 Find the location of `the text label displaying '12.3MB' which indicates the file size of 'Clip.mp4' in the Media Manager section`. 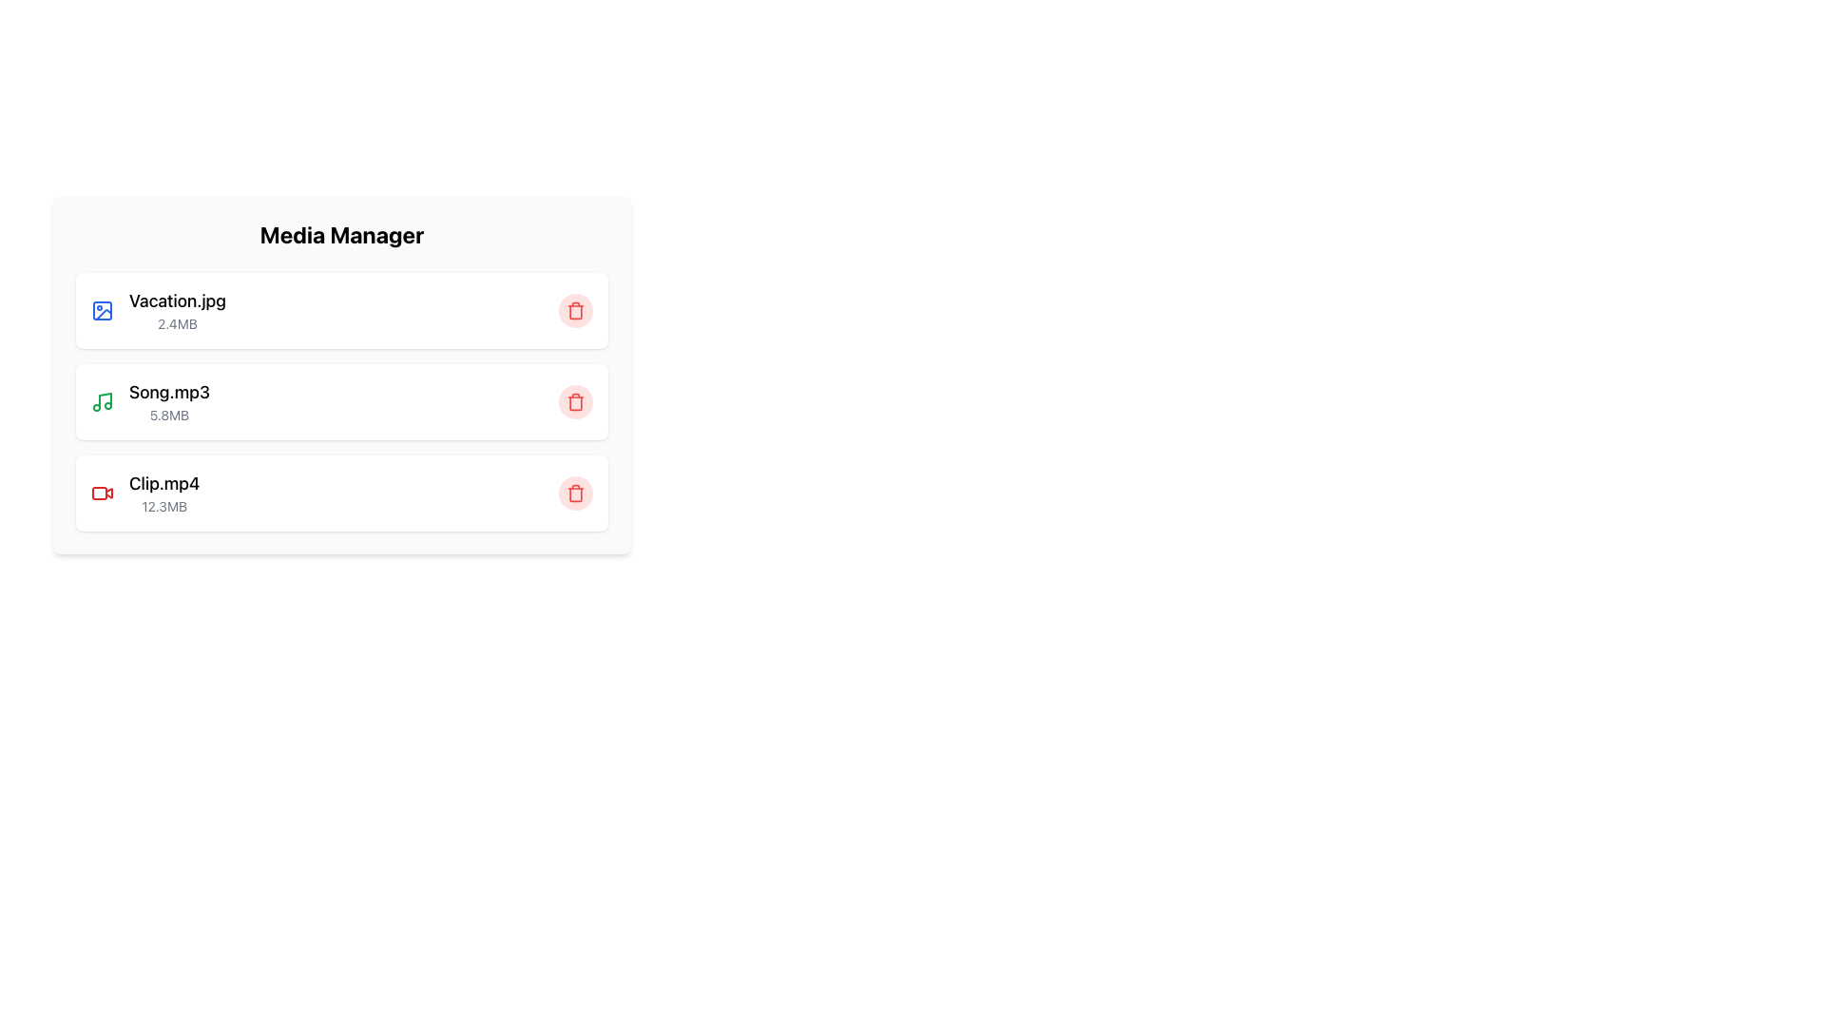

the text label displaying '12.3MB' which indicates the file size of 'Clip.mp4' in the Media Manager section is located at coordinates (164, 505).